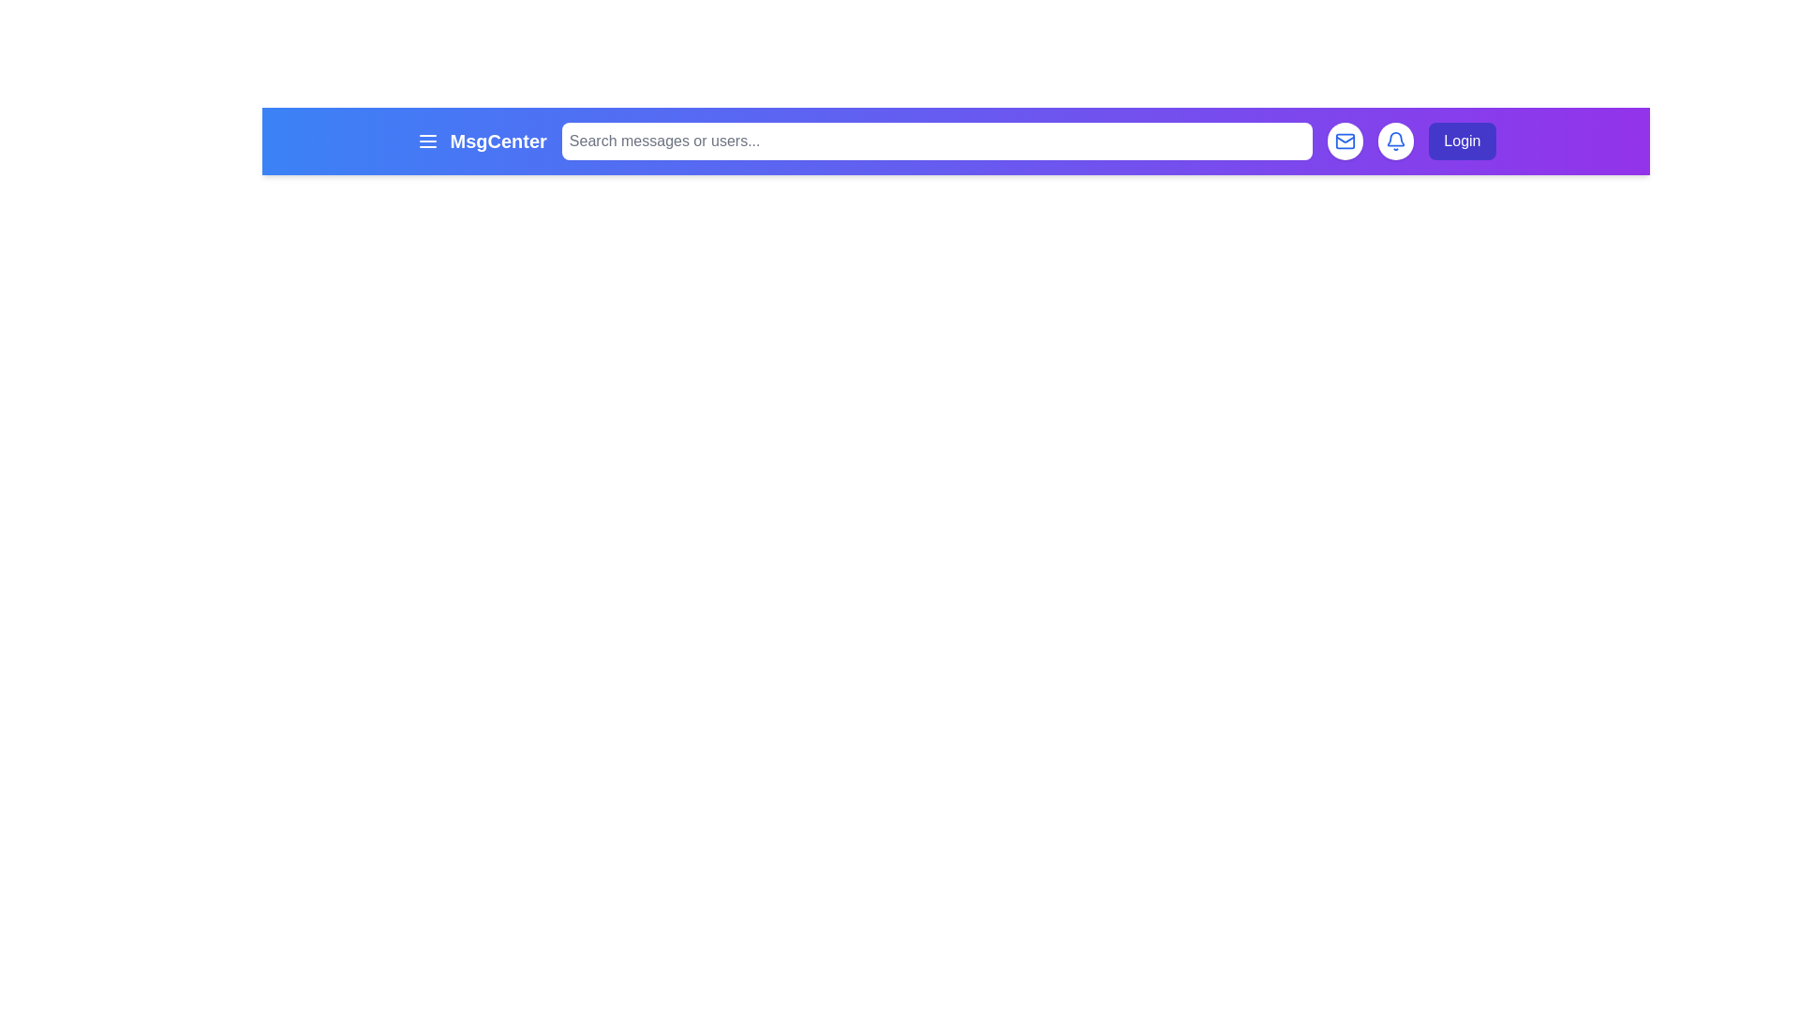  What do you see at coordinates (426, 140) in the screenshot?
I see `the menu button to open the navigation menu` at bounding box center [426, 140].